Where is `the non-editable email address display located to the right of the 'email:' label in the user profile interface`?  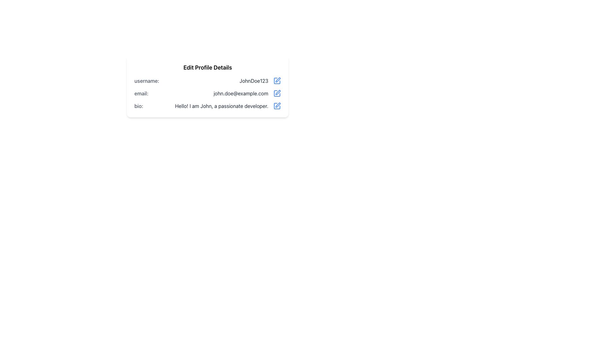
the non-editable email address display located to the right of the 'email:' label in the user profile interface is located at coordinates (247, 93).